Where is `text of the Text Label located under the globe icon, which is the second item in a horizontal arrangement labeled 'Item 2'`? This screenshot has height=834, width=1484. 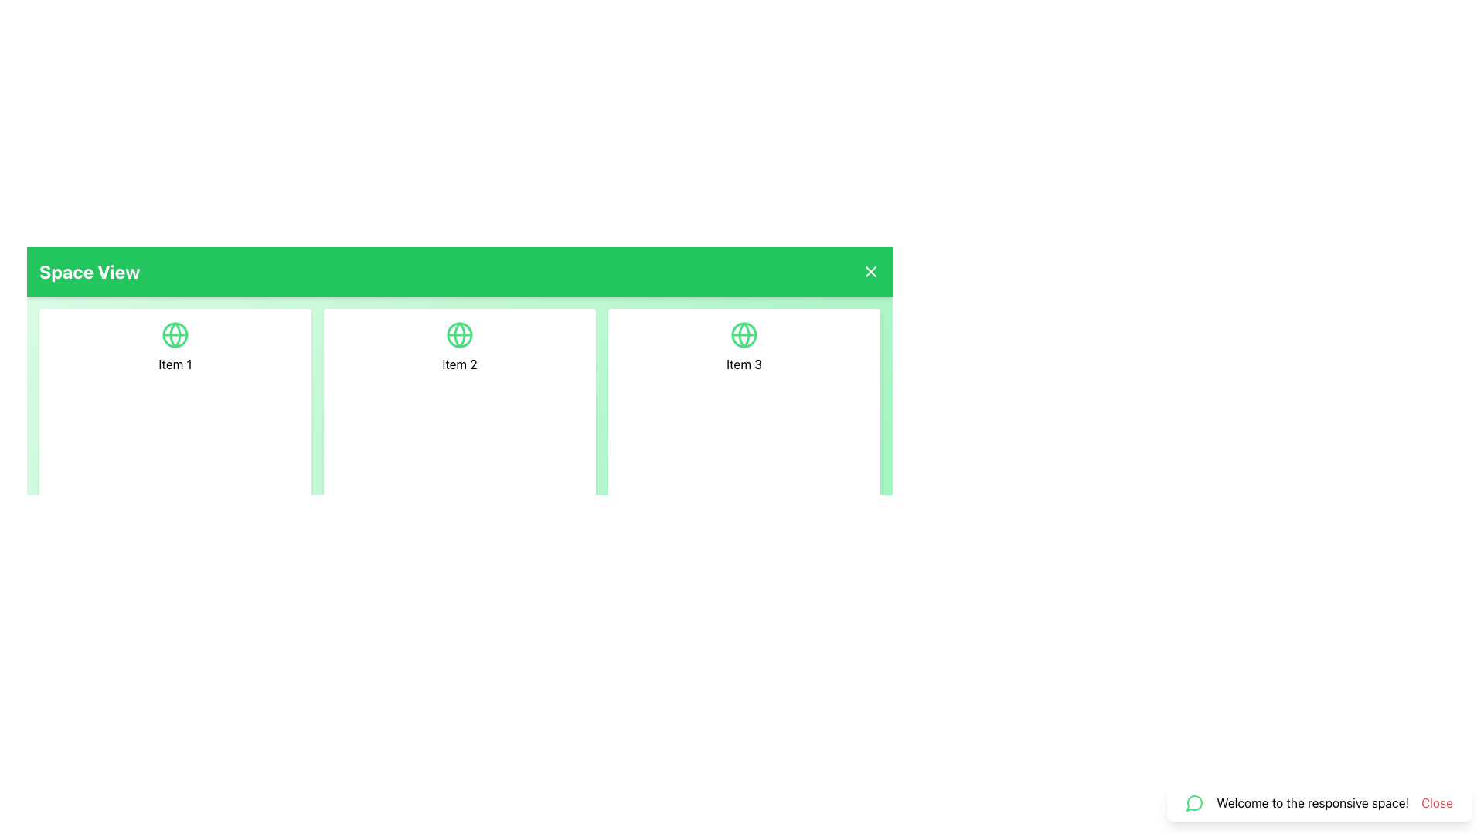 text of the Text Label located under the globe icon, which is the second item in a horizontal arrangement labeled 'Item 2' is located at coordinates (459, 364).